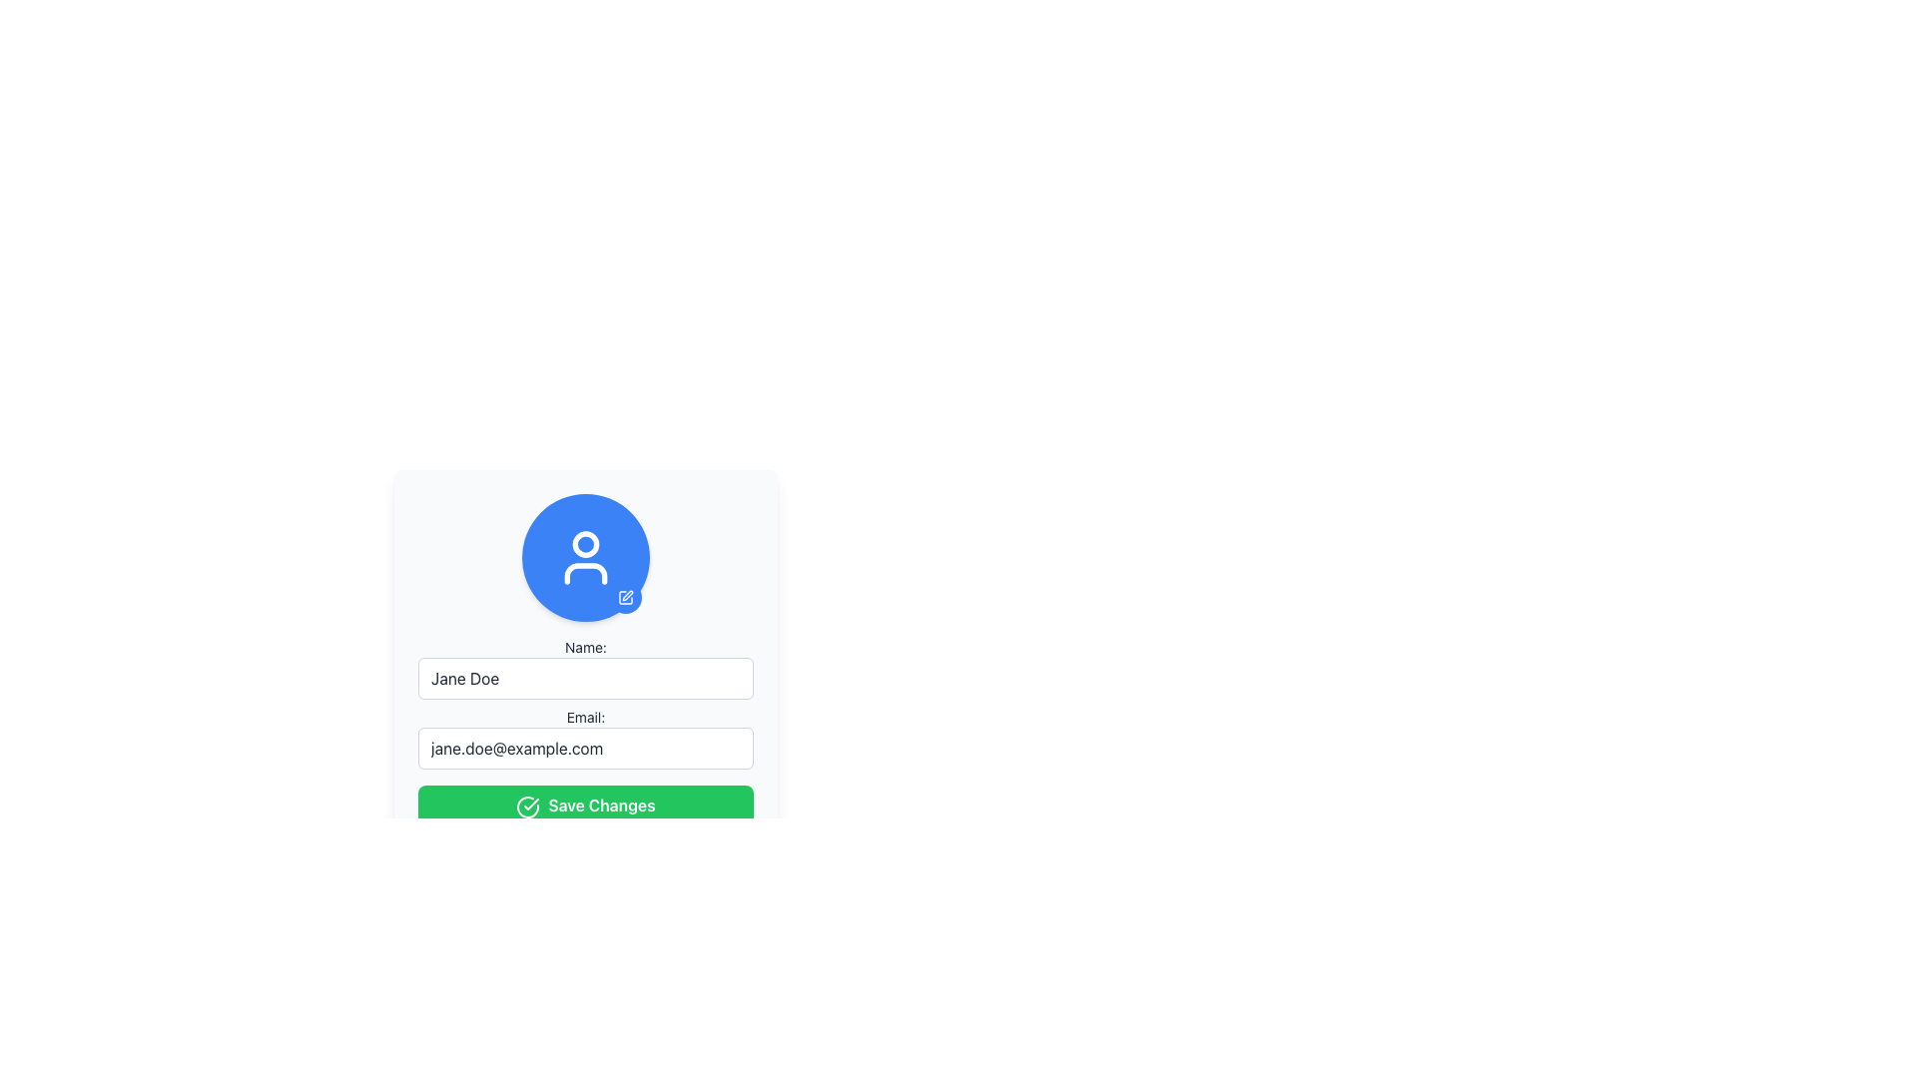  I want to click on the label that indicates the purpose of the input field for entering the user's name, which is located in the top-left part of the form, directly above the text input field, so click(584, 647).